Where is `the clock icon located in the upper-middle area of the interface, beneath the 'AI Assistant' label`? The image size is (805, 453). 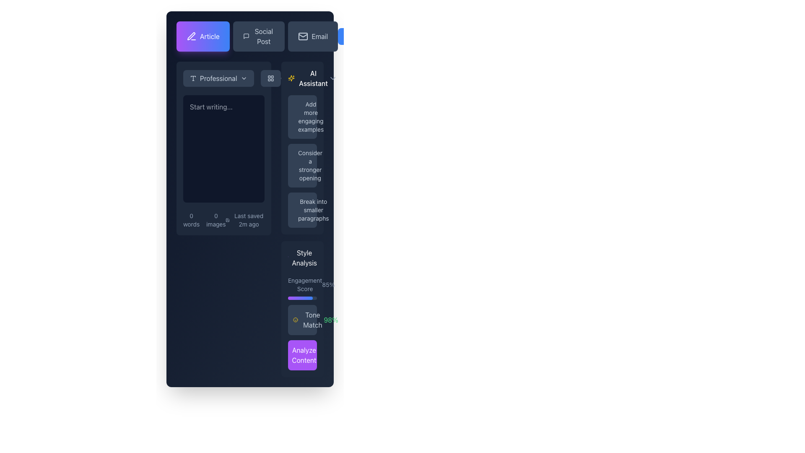 the clock icon located in the upper-middle area of the interface, beneath the 'AI Assistant' label is located at coordinates (283, 78).